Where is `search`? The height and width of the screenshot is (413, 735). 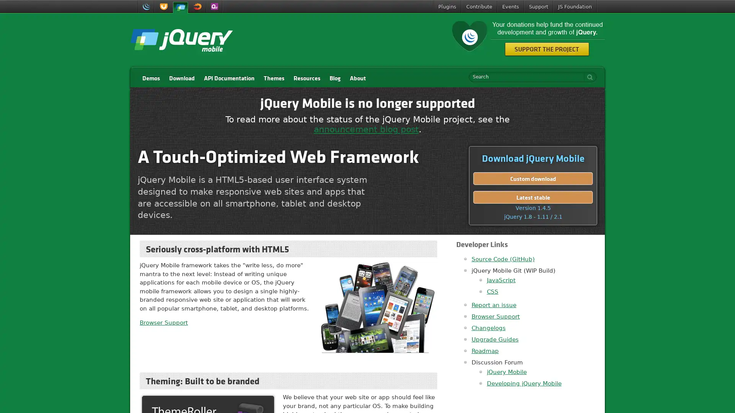
search is located at coordinates (588, 77).